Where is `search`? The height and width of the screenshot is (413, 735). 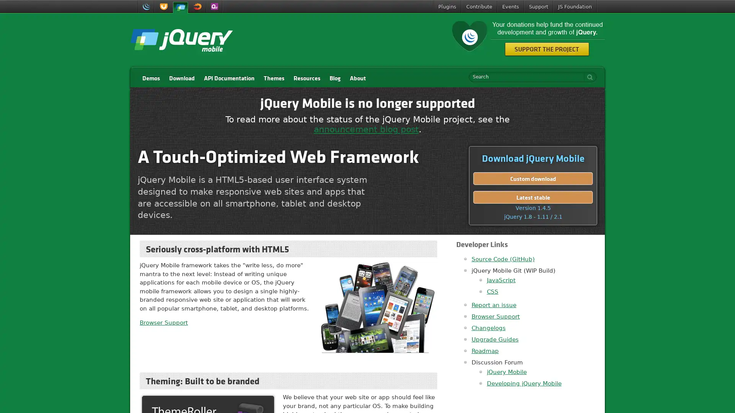
search is located at coordinates (588, 77).